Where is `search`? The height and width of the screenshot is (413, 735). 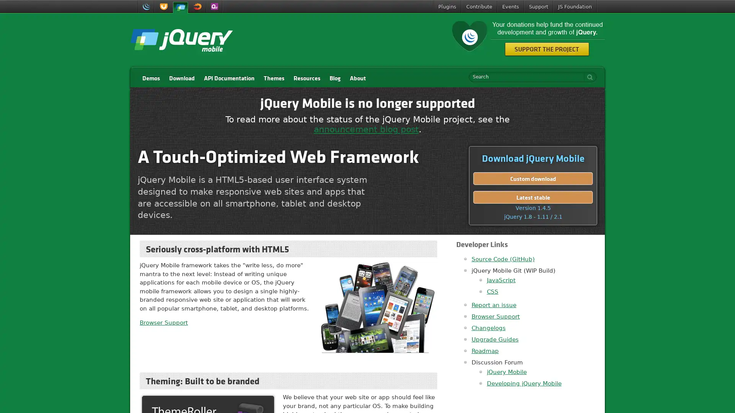
search is located at coordinates (588, 77).